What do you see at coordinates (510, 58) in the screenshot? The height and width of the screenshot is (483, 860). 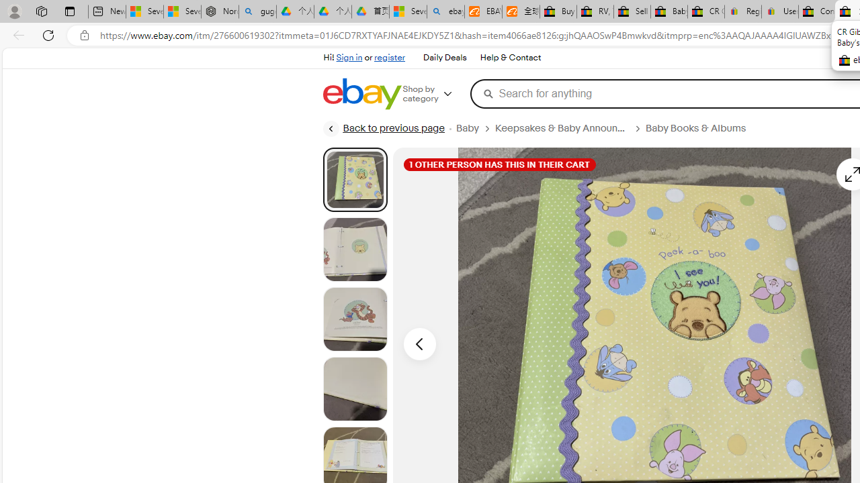 I see `'Help & Contact'` at bounding box center [510, 58].